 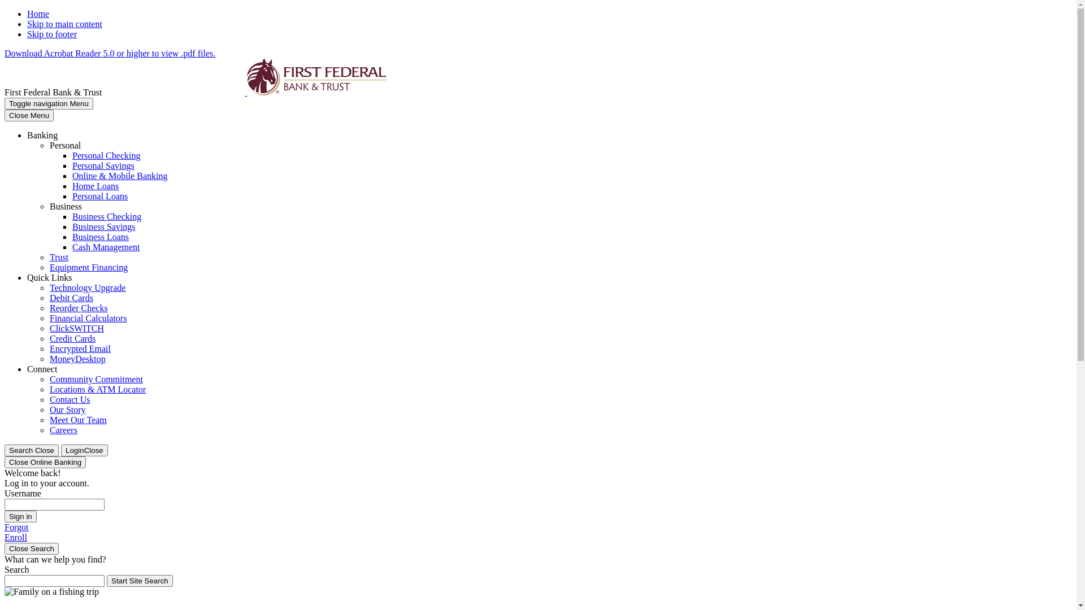 I want to click on 'Our Story', so click(x=67, y=409).